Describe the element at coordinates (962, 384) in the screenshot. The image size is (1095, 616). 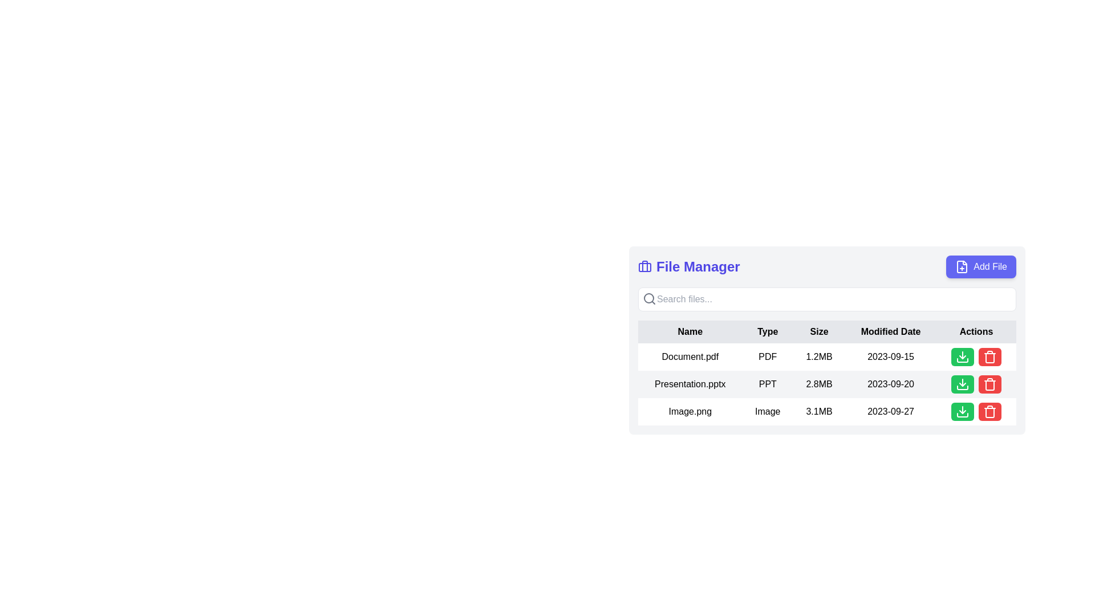
I see `the download button located in the second row of the table under the 'Actions' column, which initiates the download of the file 'Presentation.pptx'` at that location.